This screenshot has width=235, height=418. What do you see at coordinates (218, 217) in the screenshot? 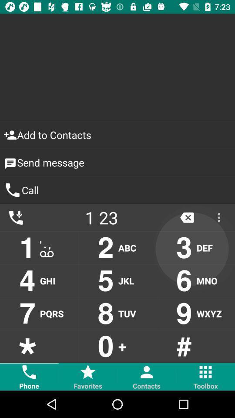
I see `the more icon` at bounding box center [218, 217].